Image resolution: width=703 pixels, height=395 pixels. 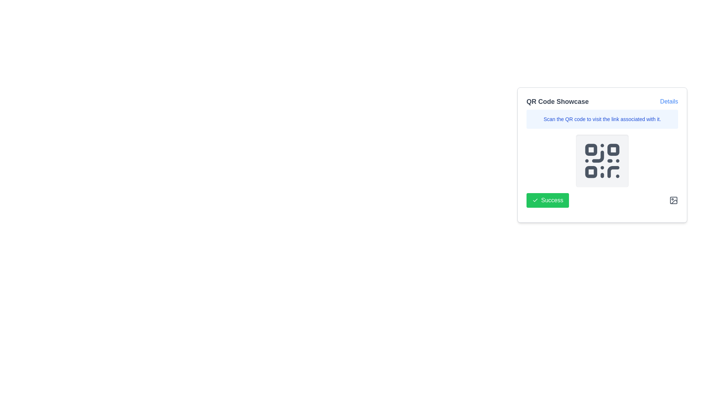 What do you see at coordinates (591, 149) in the screenshot?
I see `the small square decorative element located in the top-left corner of the QR code structure` at bounding box center [591, 149].